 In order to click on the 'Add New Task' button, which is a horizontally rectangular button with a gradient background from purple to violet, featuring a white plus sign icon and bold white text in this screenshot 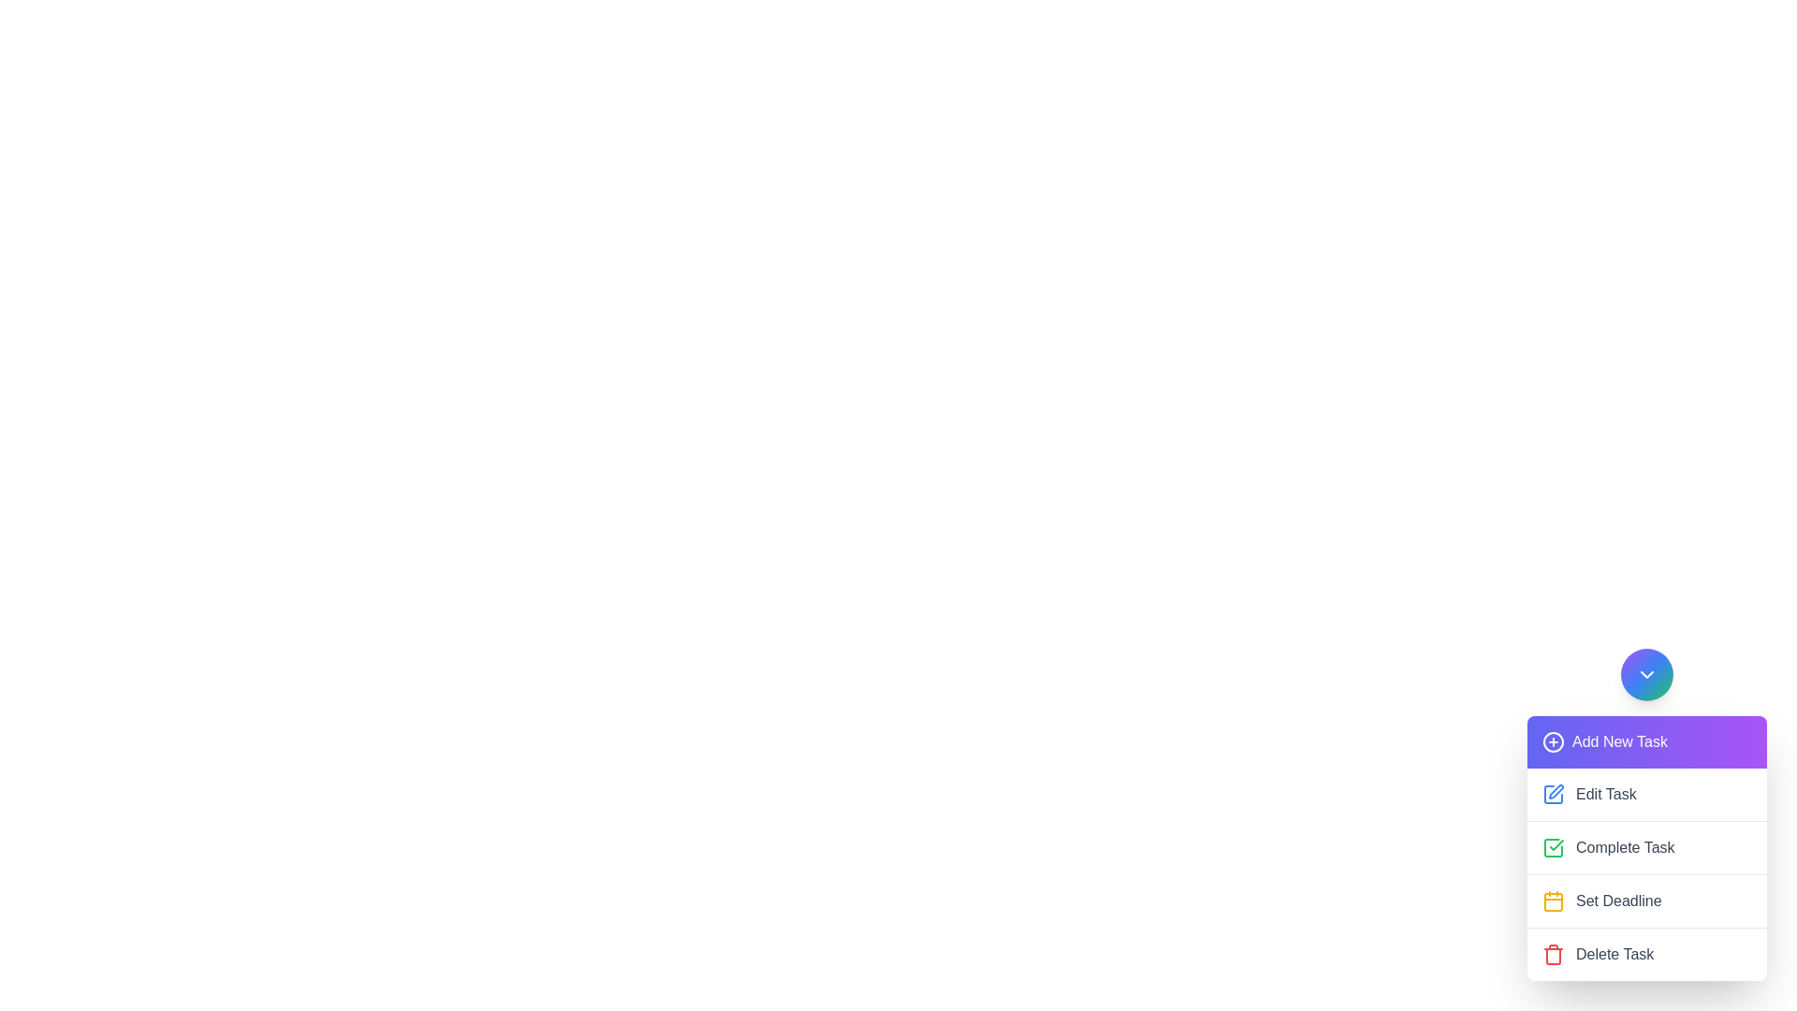, I will do `click(1647, 741)`.